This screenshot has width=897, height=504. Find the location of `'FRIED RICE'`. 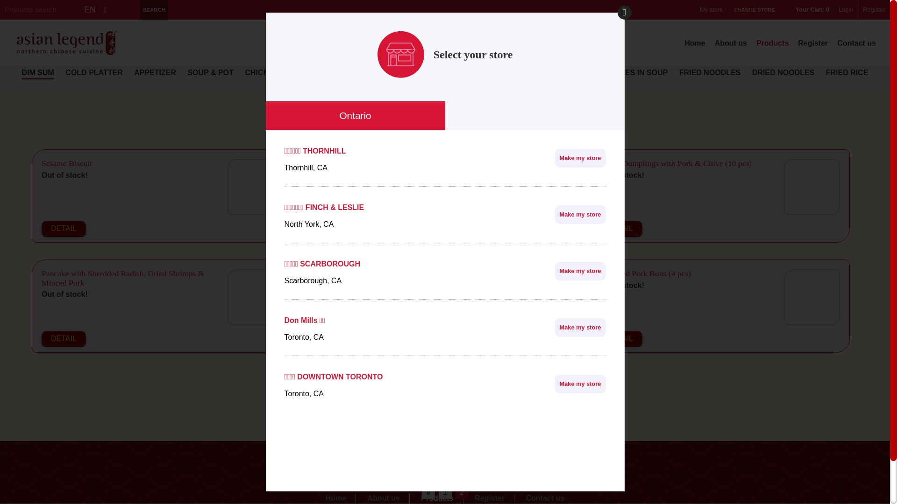

'FRIED RICE' is located at coordinates (847, 72).